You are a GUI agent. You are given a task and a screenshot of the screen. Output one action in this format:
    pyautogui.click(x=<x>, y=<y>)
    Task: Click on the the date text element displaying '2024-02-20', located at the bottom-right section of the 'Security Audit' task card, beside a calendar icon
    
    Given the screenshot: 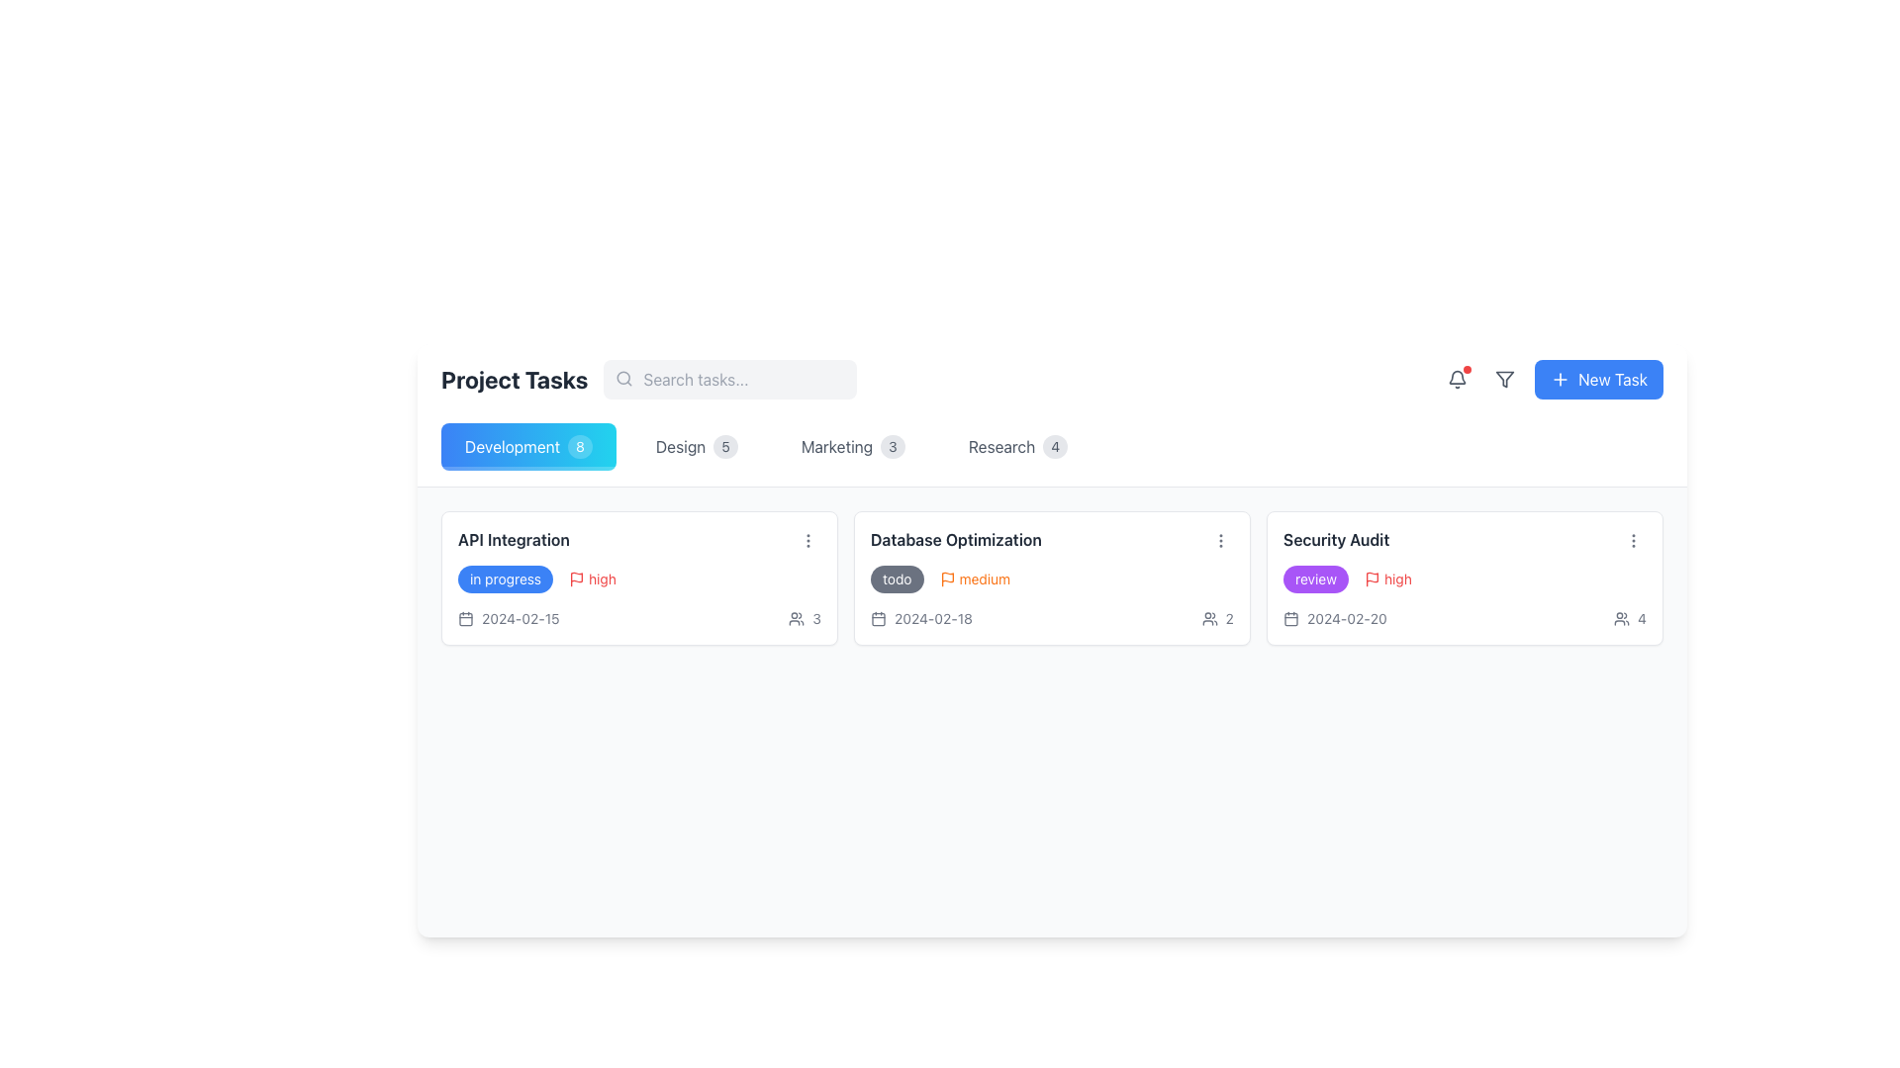 What is the action you would take?
    pyautogui.click(x=1346, y=617)
    